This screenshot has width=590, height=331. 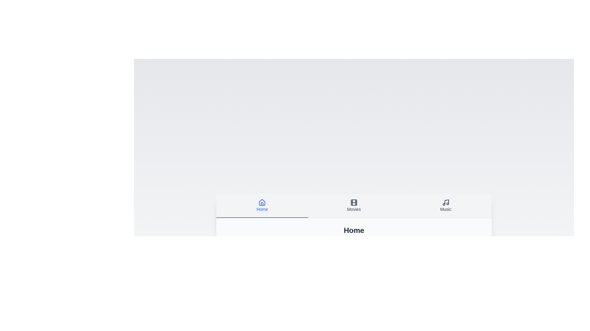 What do you see at coordinates (354, 206) in the screenshot?
I see `the Movies tab to activate it` at bounding box center [354, 206].